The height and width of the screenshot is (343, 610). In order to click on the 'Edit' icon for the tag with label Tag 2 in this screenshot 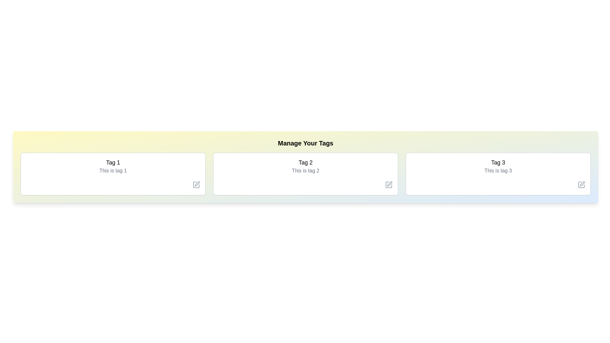, I will do `click(389, 185)`.